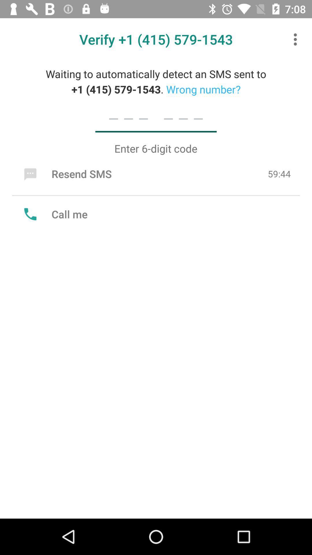 The image size is (312, 555). Describe the element at coordinates (54, 214) in the screenshot. I see `call me` at that location.